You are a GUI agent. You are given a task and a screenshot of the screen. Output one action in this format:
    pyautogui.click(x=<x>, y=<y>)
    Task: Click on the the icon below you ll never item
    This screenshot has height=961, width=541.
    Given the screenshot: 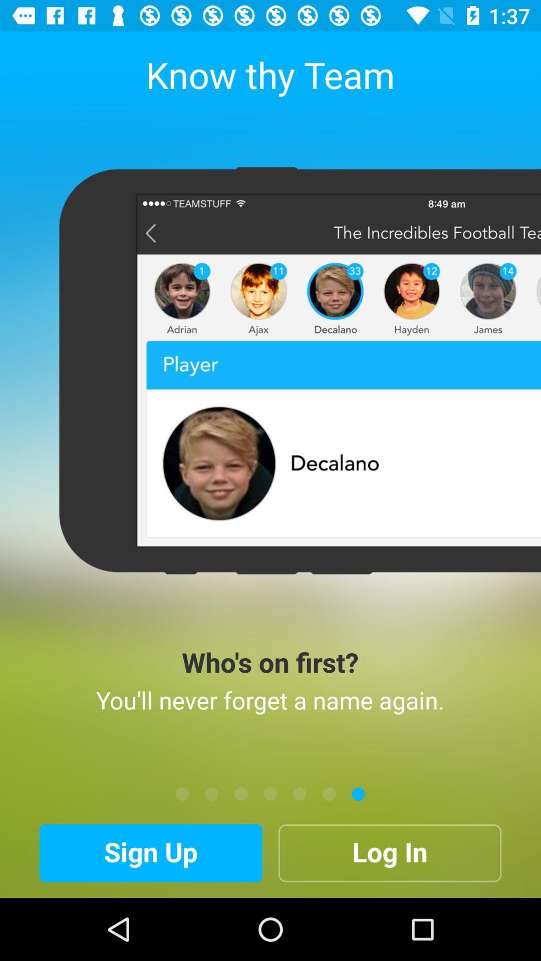 What is the action you would take?
    pyautogui.click(x=270, y=793)
    